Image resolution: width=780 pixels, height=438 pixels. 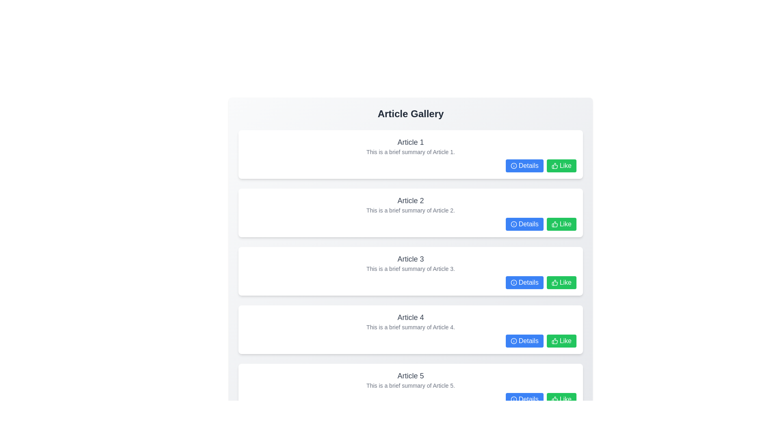 What do you see at coordinates (411, 200) in the screenshot?
I see `the Text Label that serves as the title for the second article, located beneath 'Article 1' and above the description for 'Article 2', to use it as a reference for navigation` at bounding box center [411, 200].